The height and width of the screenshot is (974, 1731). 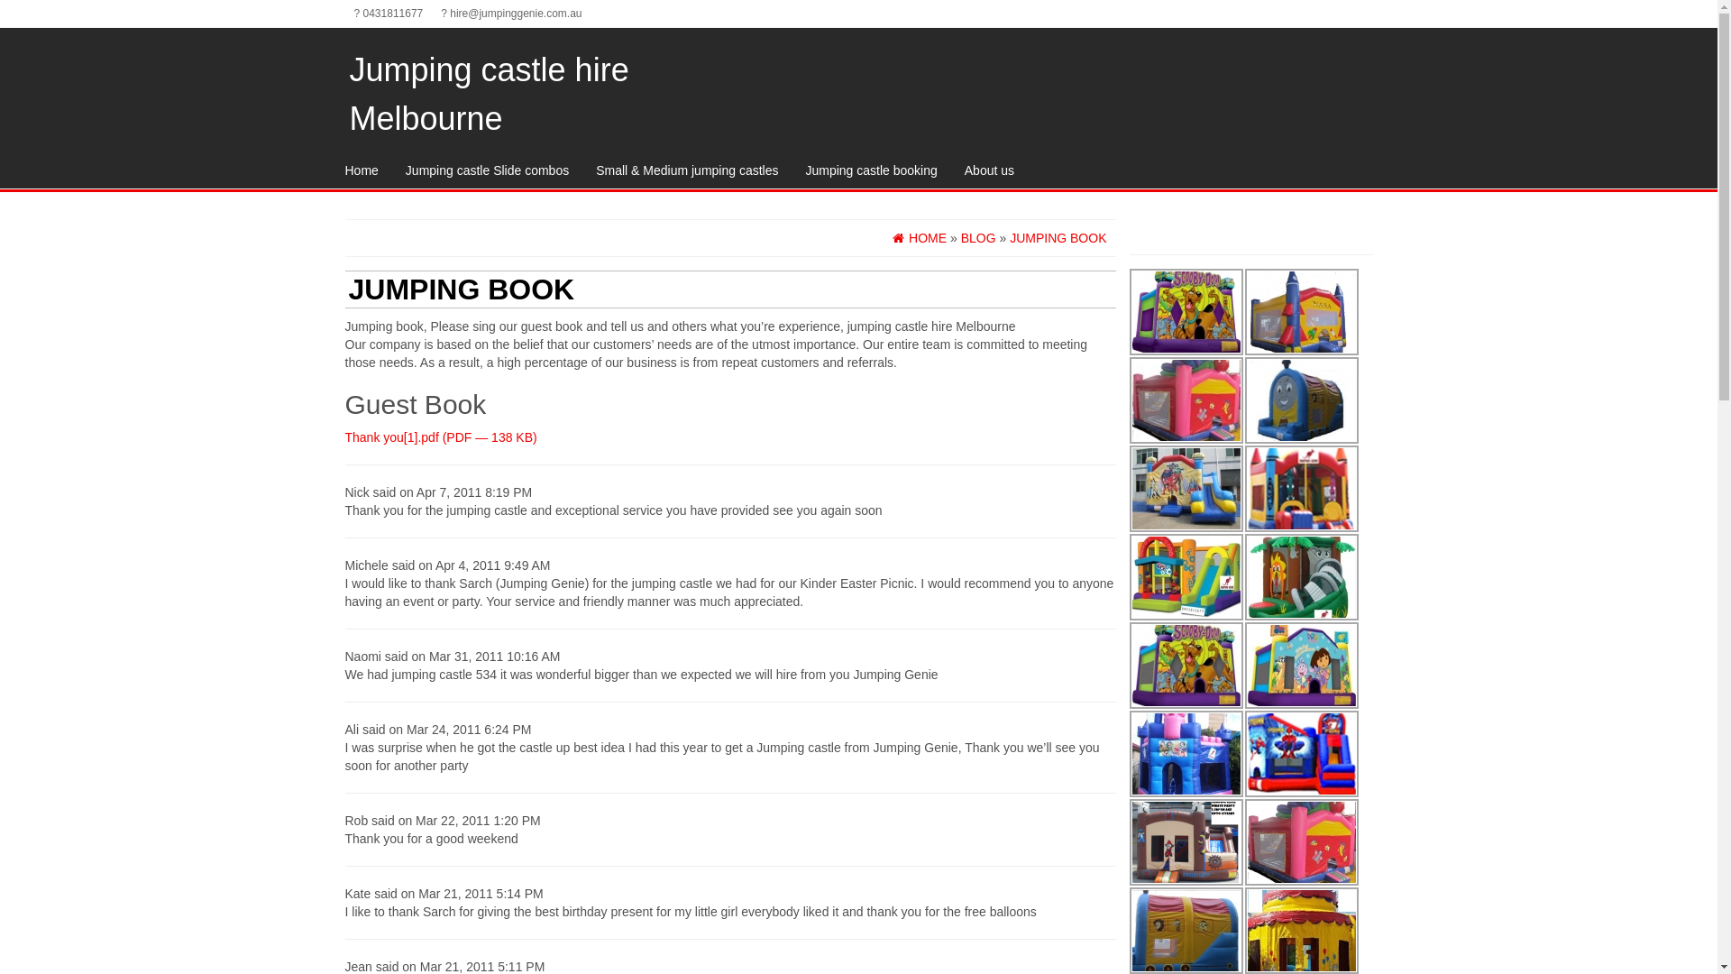 What do you see at coordinates (361, 170) in the screenshot?
I see `'Home'` at bounding box center [361, 170].